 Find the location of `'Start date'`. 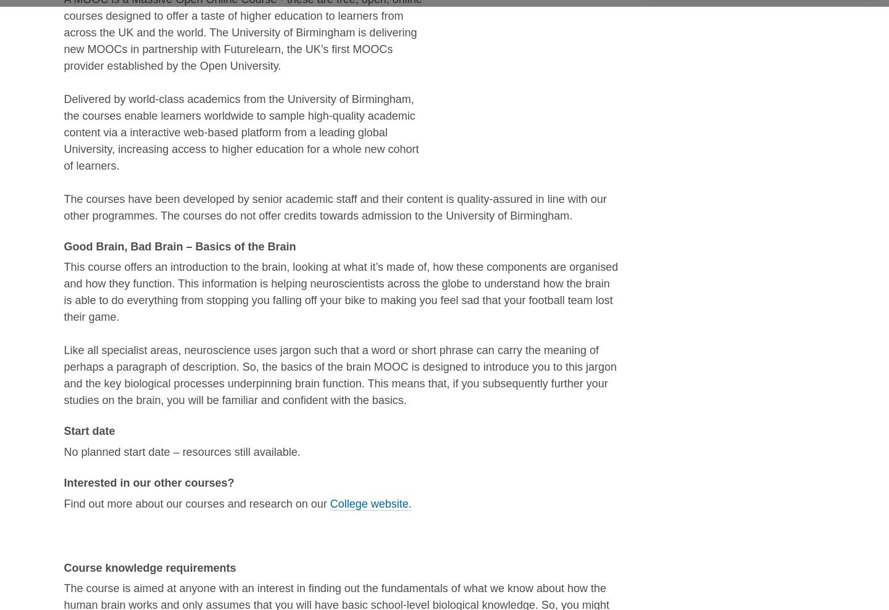

'Start date' is located at coordinates (88, 431).